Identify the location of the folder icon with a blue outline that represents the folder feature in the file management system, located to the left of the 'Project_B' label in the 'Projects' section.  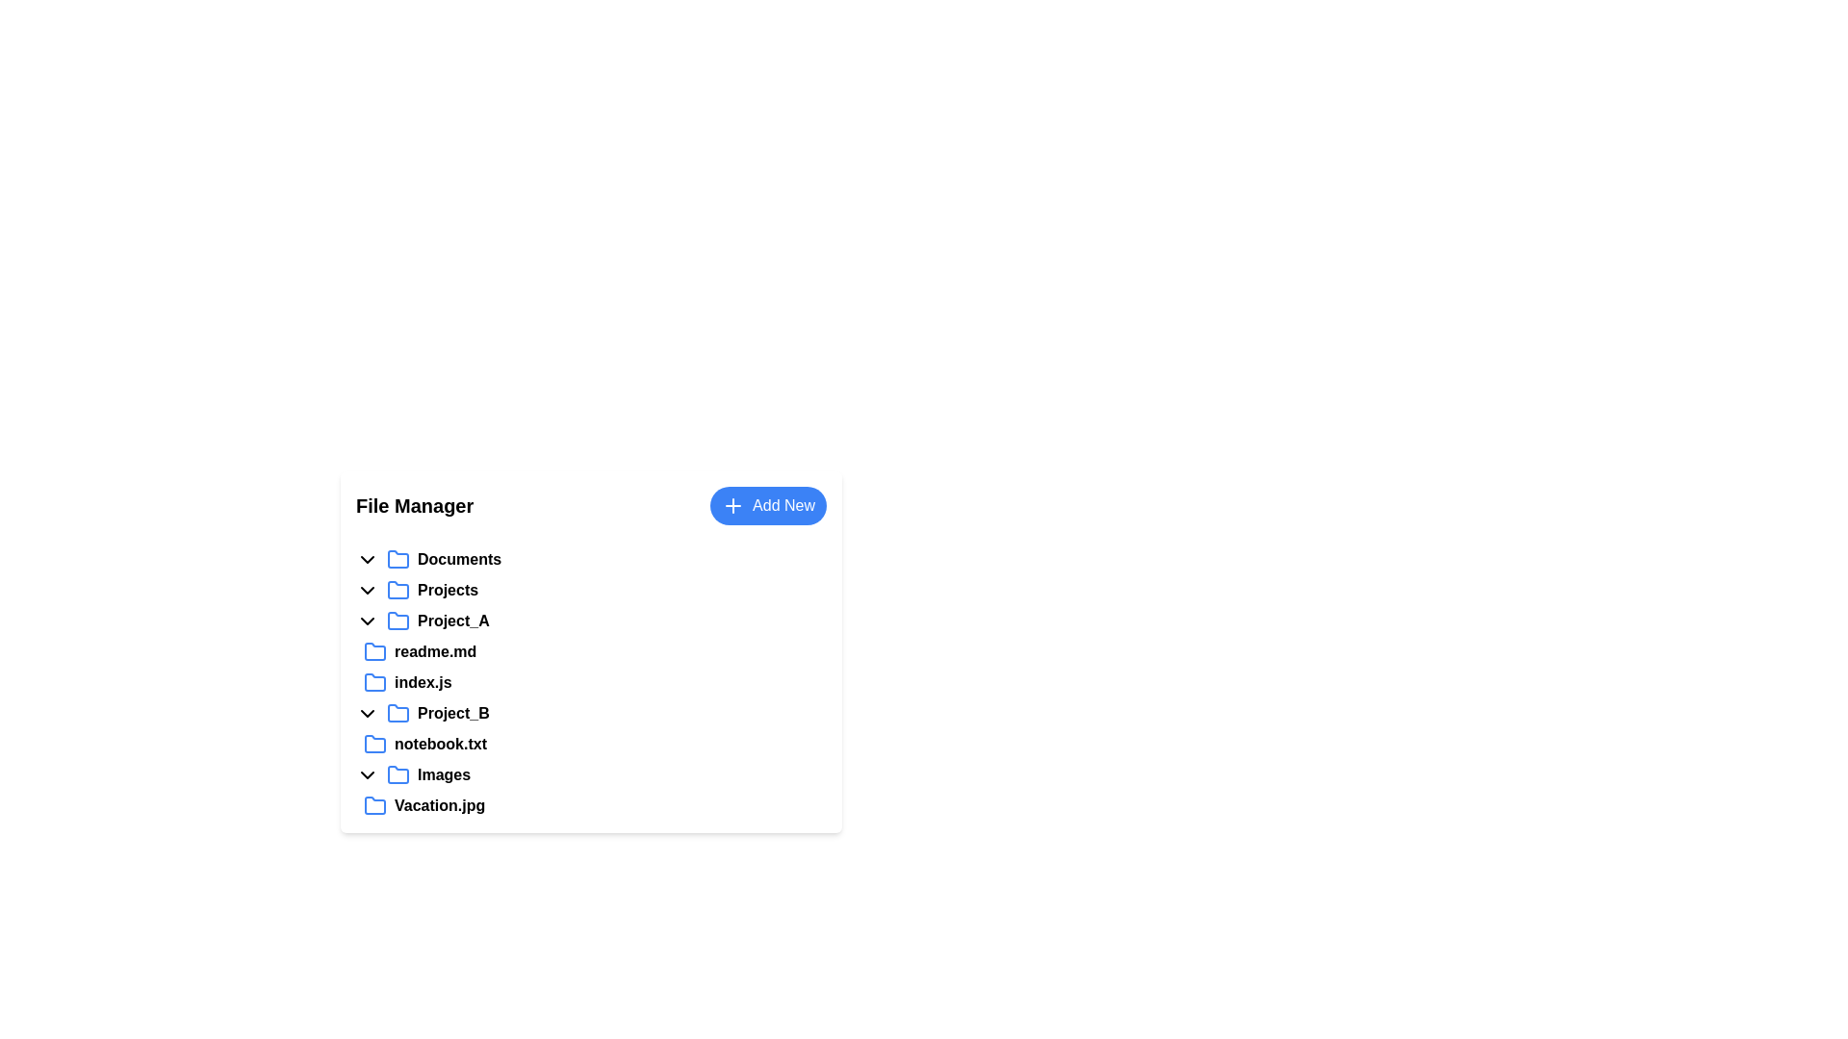
(397, 713).